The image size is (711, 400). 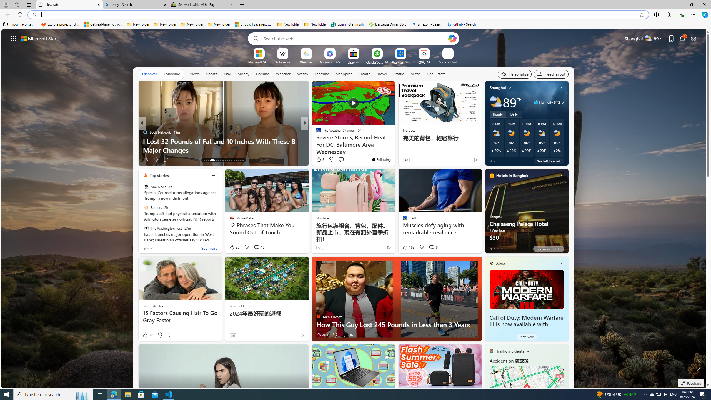 What do you see at coordinates (211, 73) in the screenshot?
I see `'Sports'` at bounding box center [211, 73].